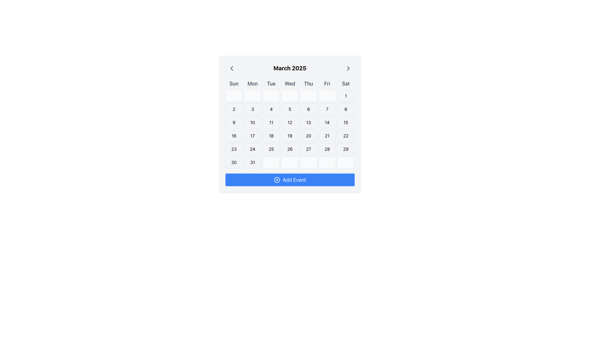  I want to click on the calendar day button displaying '14' located under the 'Thu' column in the March 14, 2025 calendar grid, so click(327, 122).